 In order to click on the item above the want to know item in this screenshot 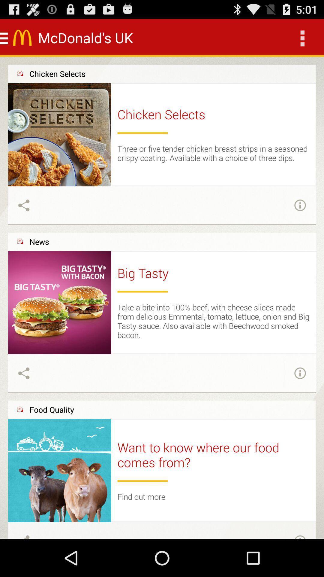, I will do `click(213, 419)`.